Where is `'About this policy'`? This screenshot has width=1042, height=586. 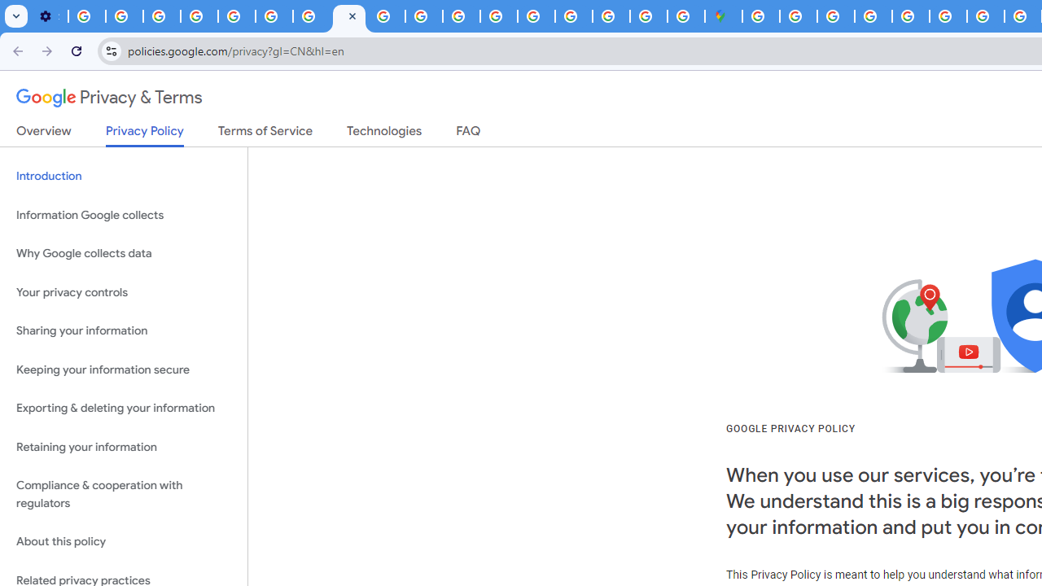 'About this policy' is located at coordinates (123, 542).